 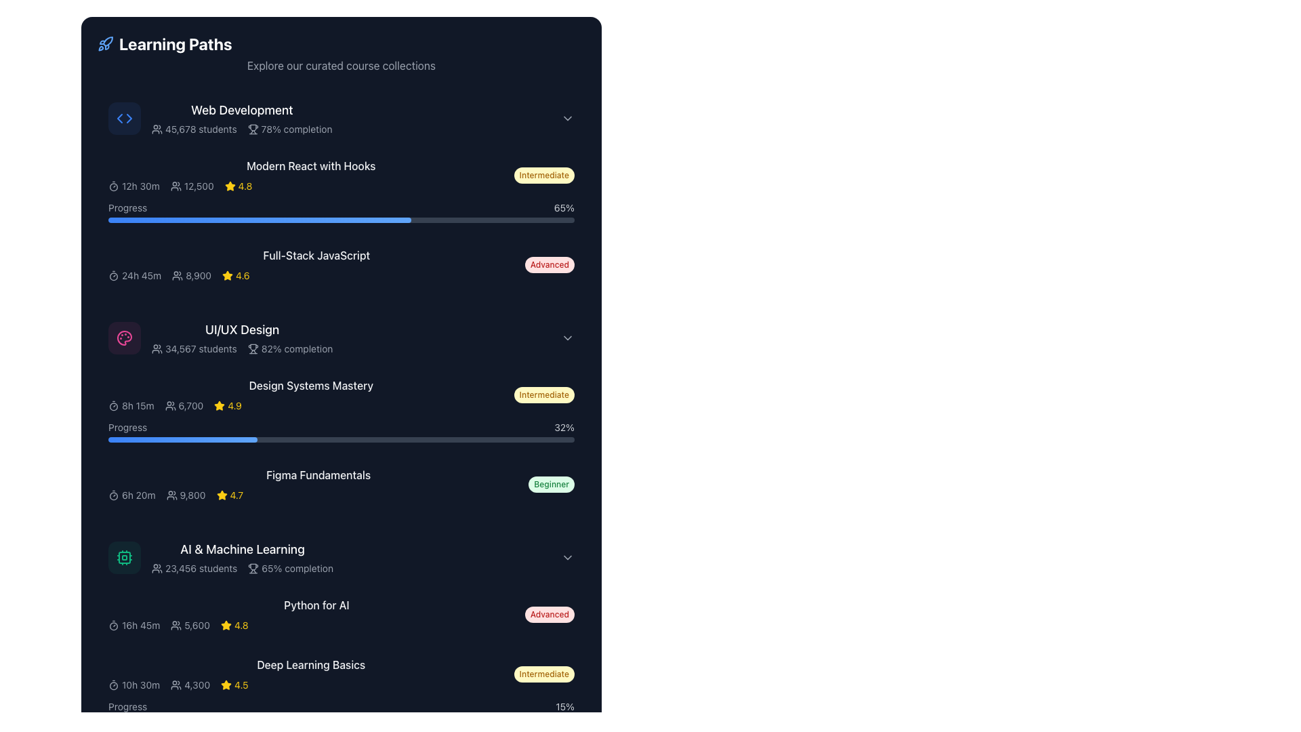 I want to click on completion percentage represented by the progress bar located in the 'Web Development' section below the label 'Progress.', so click(x=260, y=219).